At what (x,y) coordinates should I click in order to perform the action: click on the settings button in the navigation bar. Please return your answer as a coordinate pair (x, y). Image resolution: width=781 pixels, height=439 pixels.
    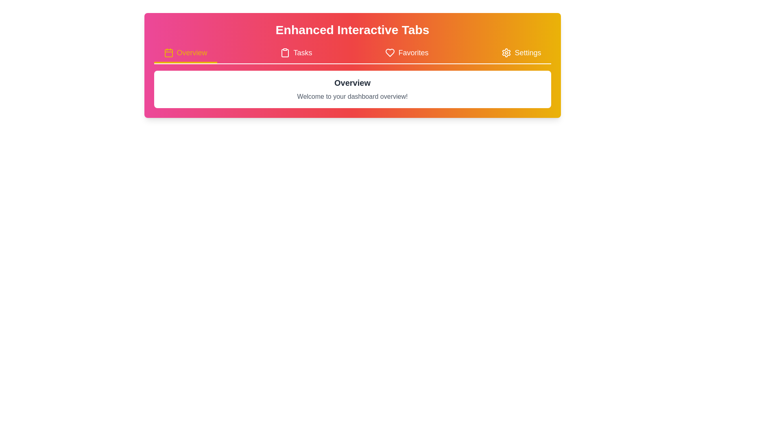
    Looking at the image, I should click on (521, 53).